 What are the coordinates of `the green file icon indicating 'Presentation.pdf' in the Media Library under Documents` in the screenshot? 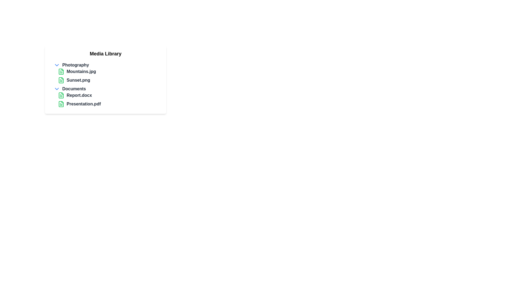 It's located at (61, 104).